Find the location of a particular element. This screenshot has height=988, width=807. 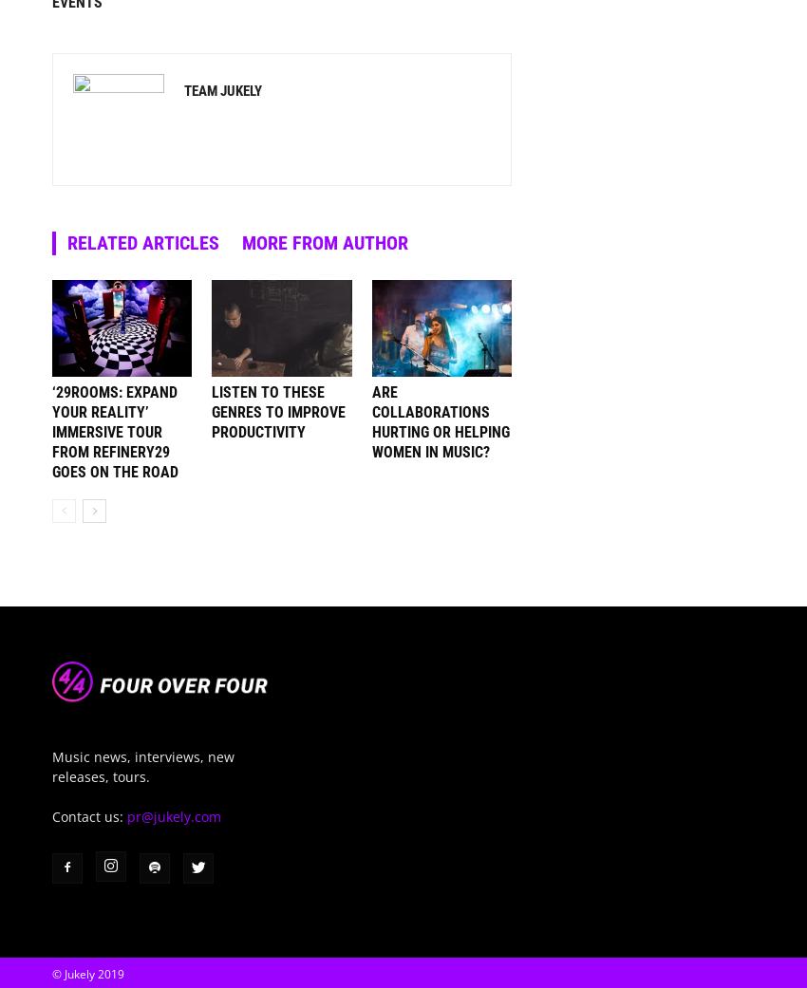

'MORE FROM AUTHOR' is located at coordinates (324, 241).